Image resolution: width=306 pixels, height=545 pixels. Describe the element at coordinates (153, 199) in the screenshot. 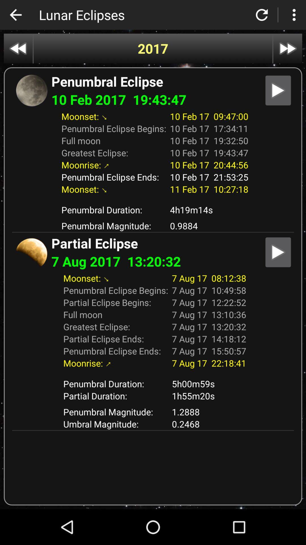

I see `the icon above the penumbral duration:` at that location.